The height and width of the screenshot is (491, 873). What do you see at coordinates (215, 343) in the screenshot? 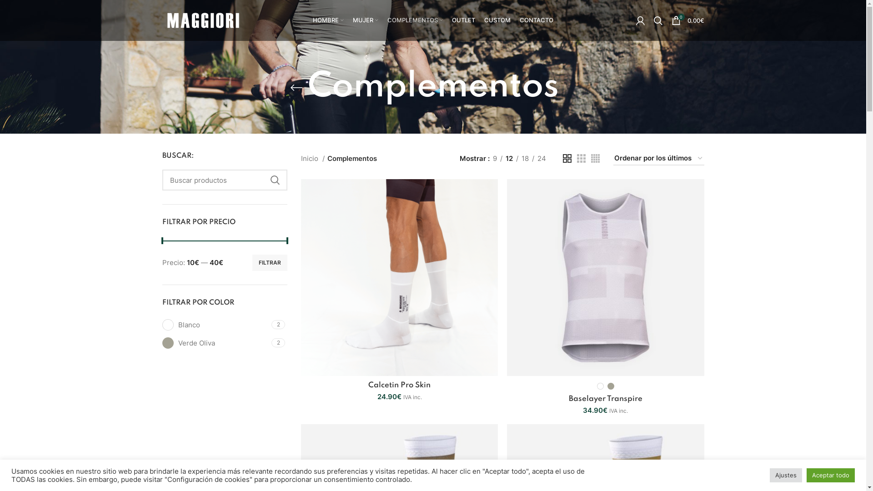
I see `'Verde Oliva` at bounding box center [215, 343].